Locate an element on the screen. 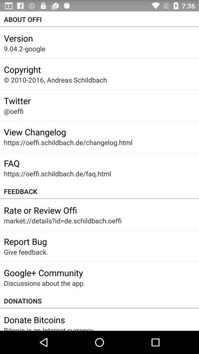  the icon below version is located at coordinates (24, 48).